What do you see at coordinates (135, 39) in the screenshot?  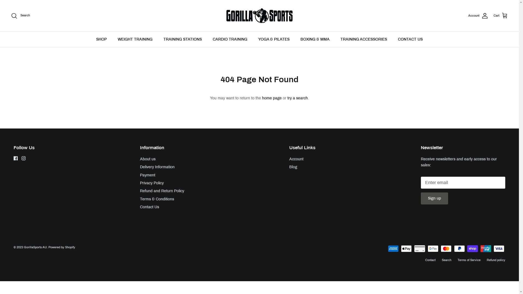 I see `'WEIGHT TRAINING'` at bounding box center [135, 39].